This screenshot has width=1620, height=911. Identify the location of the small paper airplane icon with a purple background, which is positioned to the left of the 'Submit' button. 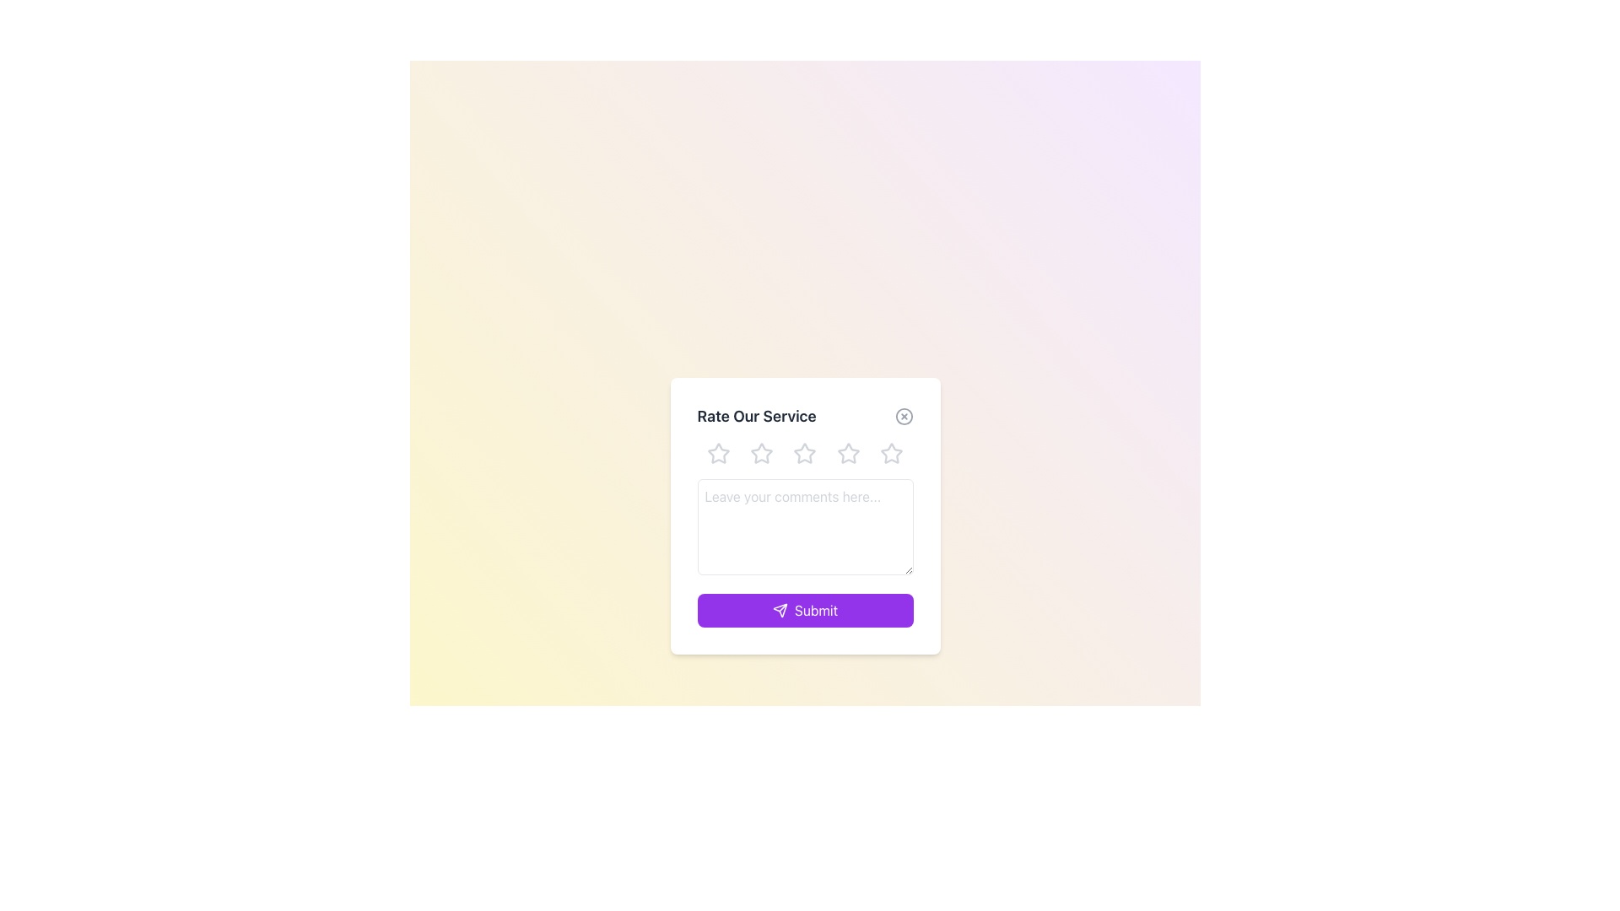
(779, 611).